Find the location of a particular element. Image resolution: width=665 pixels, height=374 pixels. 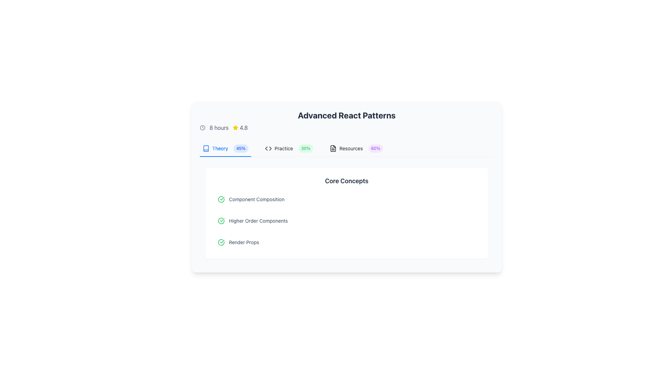

the first tab in the Tab List for navigation, which allows reordering of the tabs labeled 'Theory', 'Practice', and 'Resources' is located at coordinates (347, 148).